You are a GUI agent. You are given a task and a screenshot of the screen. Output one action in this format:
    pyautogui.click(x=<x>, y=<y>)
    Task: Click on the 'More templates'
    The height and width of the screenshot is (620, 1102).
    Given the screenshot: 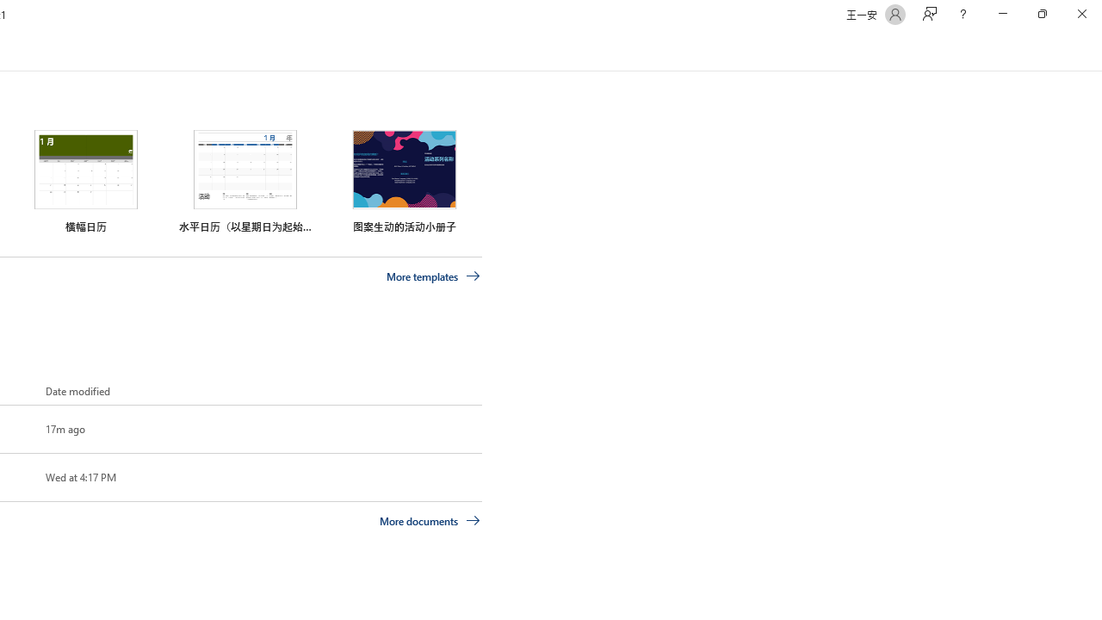 What is the action you would take?
    pyautogui.click(x=433, y=276)
    